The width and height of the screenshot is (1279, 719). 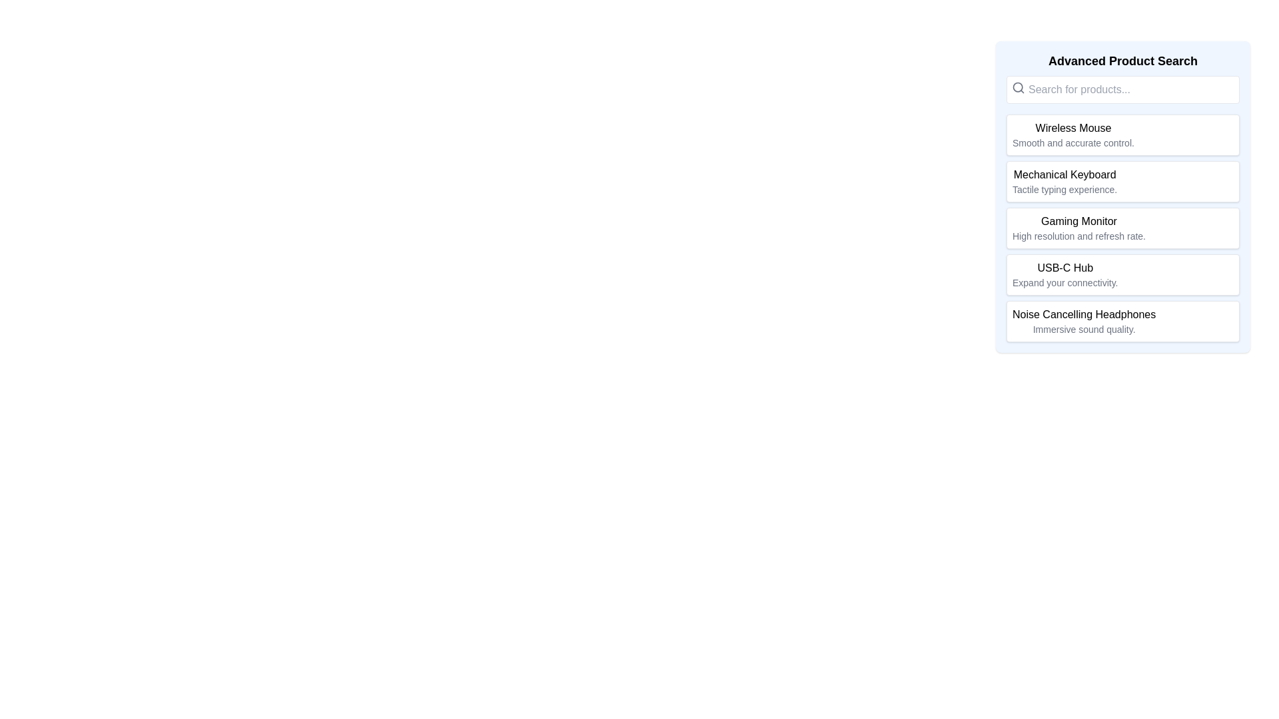 I want to click on the interactive list item styled as a button for 'USB-C Hub' for keyboard navigation, so click(x=1122, y=274).